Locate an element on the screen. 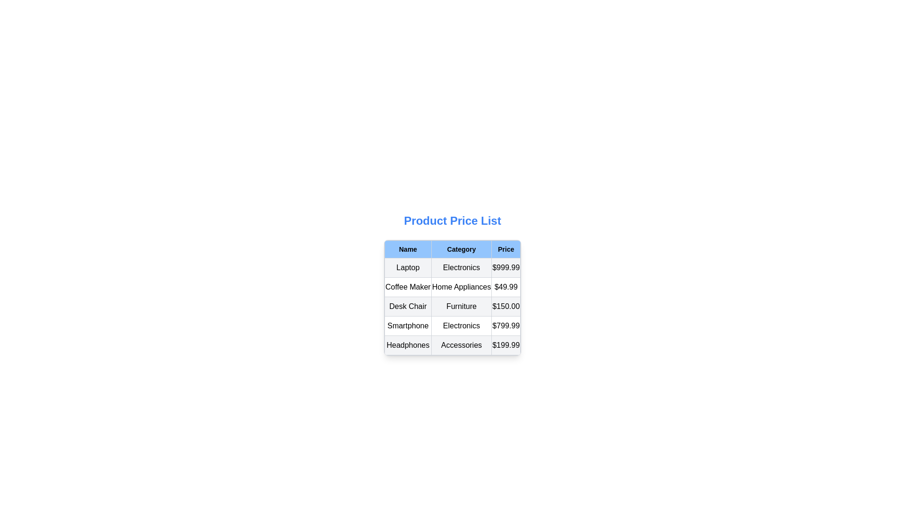  the 'Category' column header in the product price list table, which is centrally aligned and positioned between the 'Name' and 'Price' headers is located at coordinates (461, 249).